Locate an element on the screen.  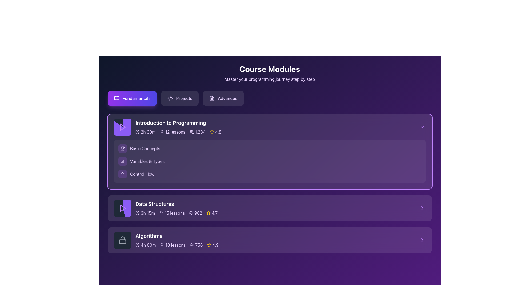
the chevron icon button located in the top-right corner of the 'Introduction to Programming' section is located at coordinates (422, 127).